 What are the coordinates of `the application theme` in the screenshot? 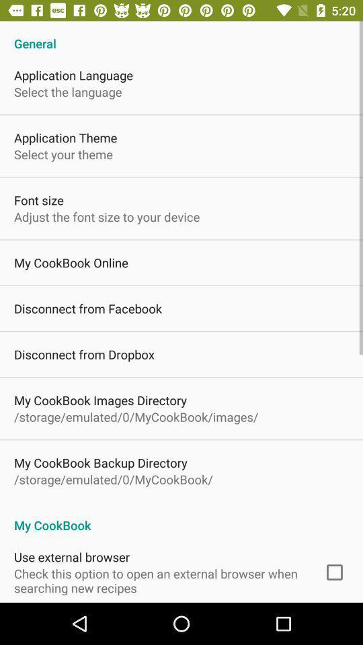 It's located at (65, 138).